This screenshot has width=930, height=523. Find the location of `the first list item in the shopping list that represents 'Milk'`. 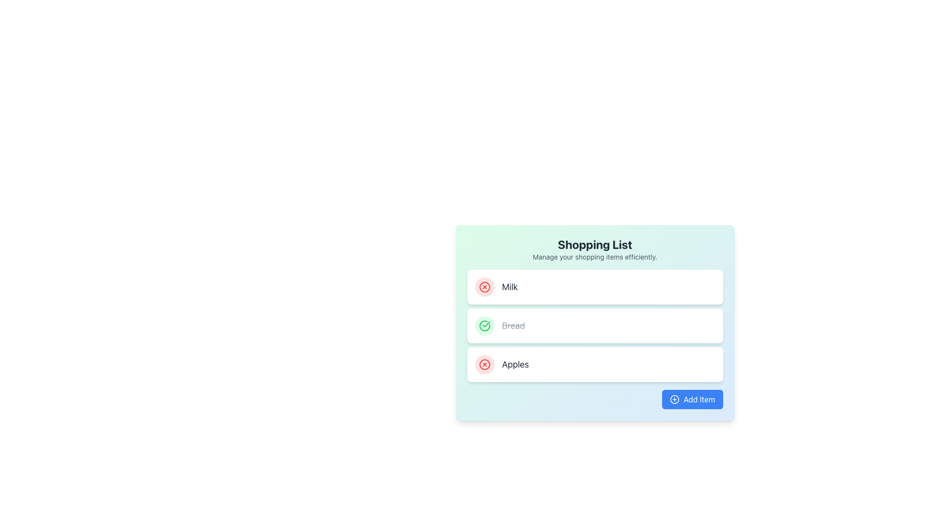

the first list item in the shopping list that represents 'Milk' is located at coordinates (594, 287).